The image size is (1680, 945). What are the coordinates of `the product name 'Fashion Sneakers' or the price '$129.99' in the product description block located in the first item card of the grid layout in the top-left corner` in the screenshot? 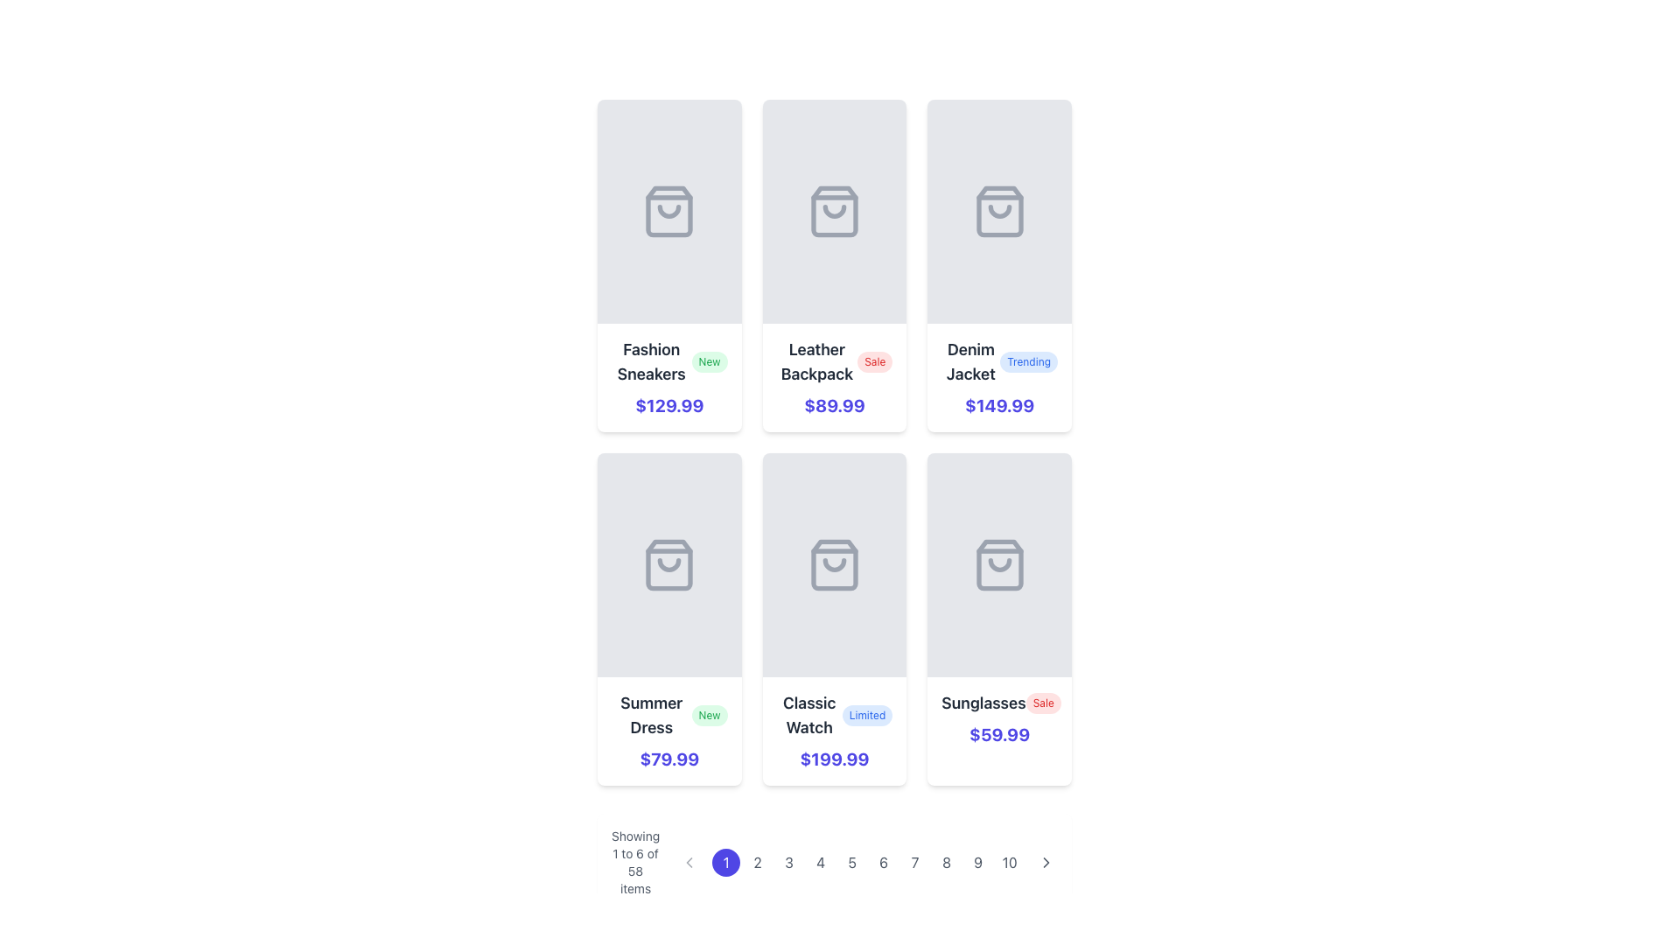 It's located at (668, 377).